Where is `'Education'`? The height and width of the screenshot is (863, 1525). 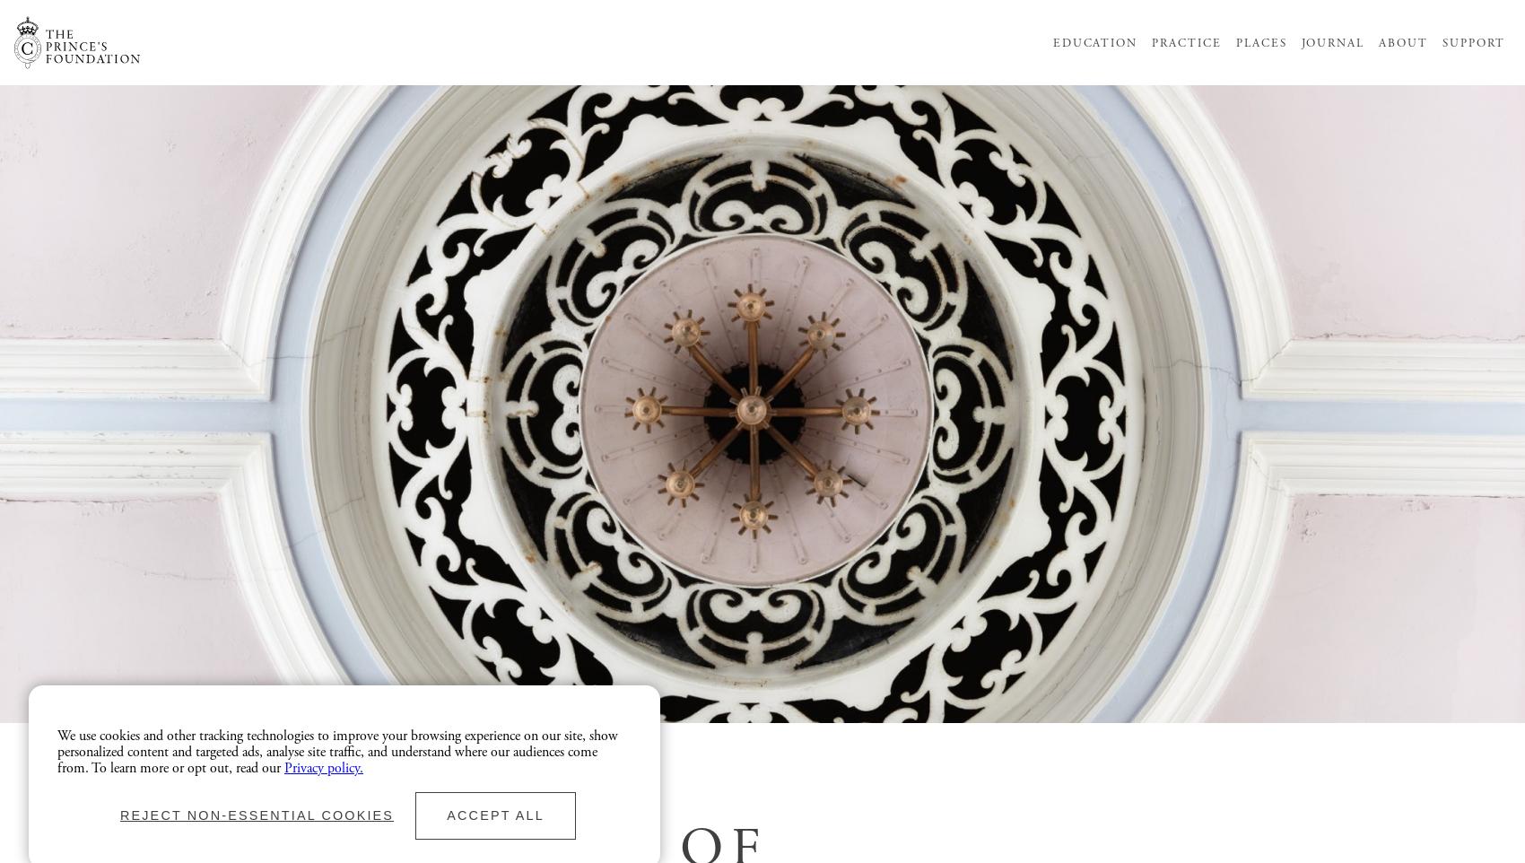
'Education' is located at coordinates (1094, 42).